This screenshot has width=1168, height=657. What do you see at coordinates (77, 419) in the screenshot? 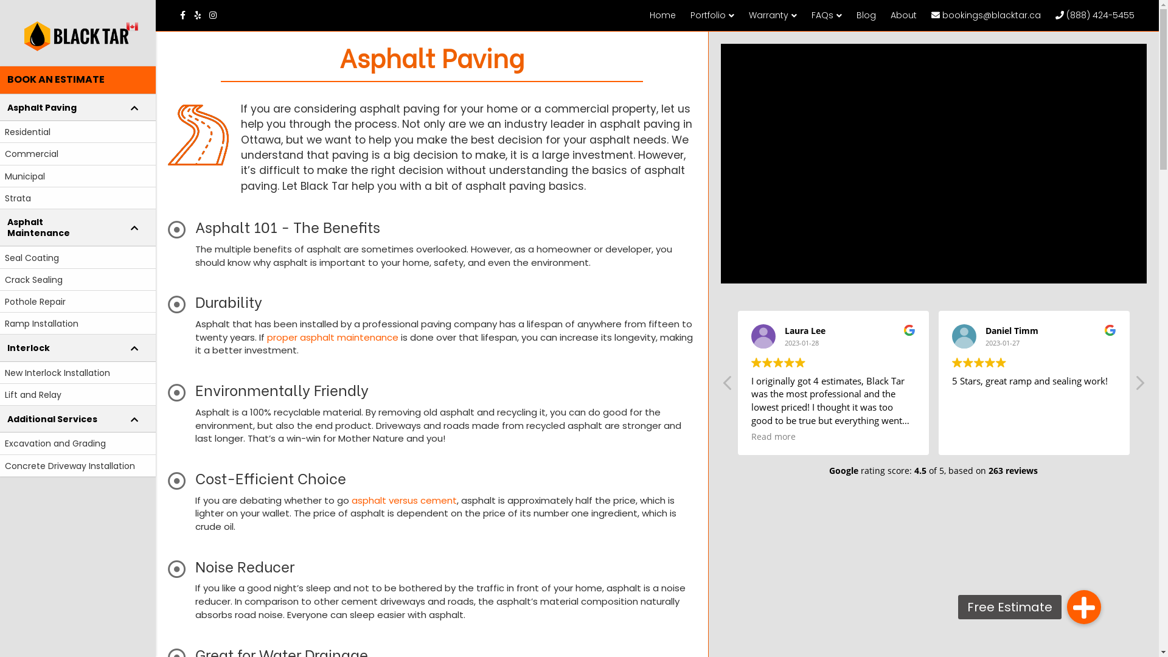
I see `'Additional Services'` at bounding box center [77, 419].